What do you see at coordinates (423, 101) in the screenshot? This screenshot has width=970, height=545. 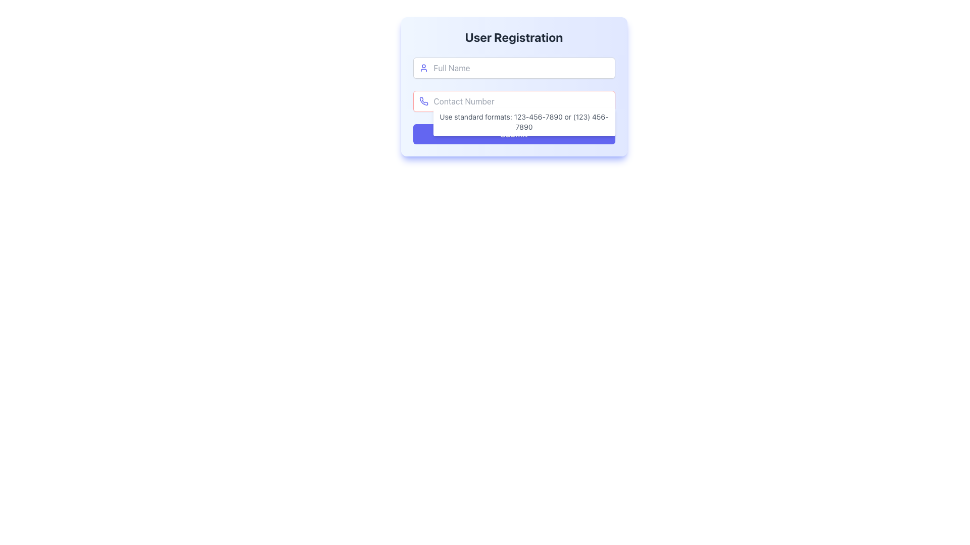 I see `the contact number field icon located near the top-left inside the input field` at bounding box center [423, 101].